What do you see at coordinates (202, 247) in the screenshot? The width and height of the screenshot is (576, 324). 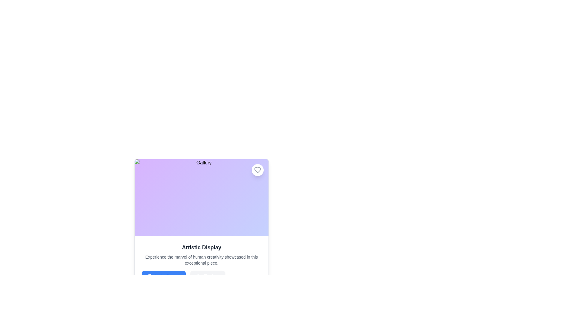 I see `the heading element containing the text 'Artistic Display', which is styled with bold font and large size, located at the top of the card-like component` at bounding box center [202, 247].